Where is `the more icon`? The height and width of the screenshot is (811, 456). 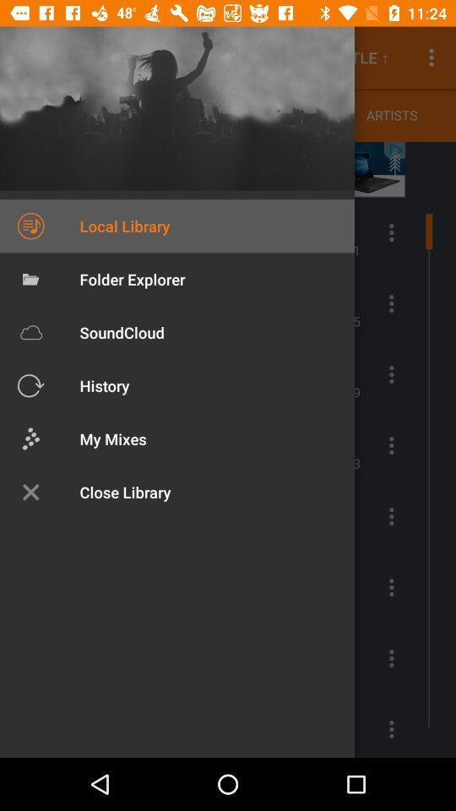
the more icon is located at coordinates (391, 728).